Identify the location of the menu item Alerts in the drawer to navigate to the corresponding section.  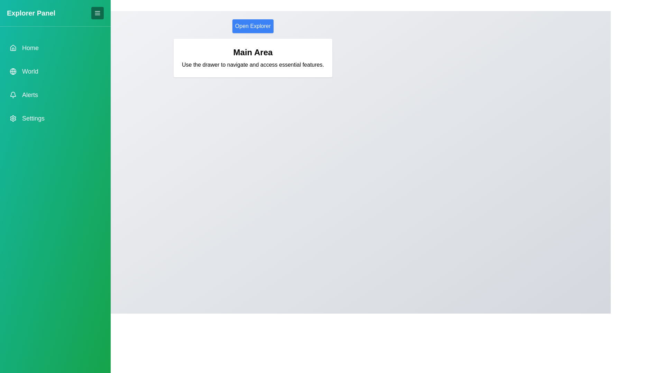
(55, 95).